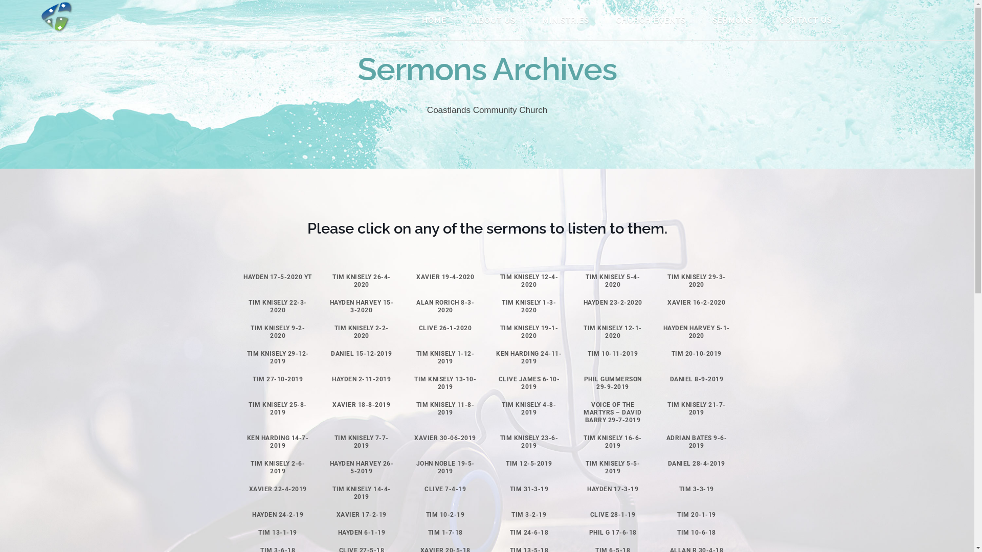  I want to click on 'XAVIER 30-06-2019', so click(445, 437).